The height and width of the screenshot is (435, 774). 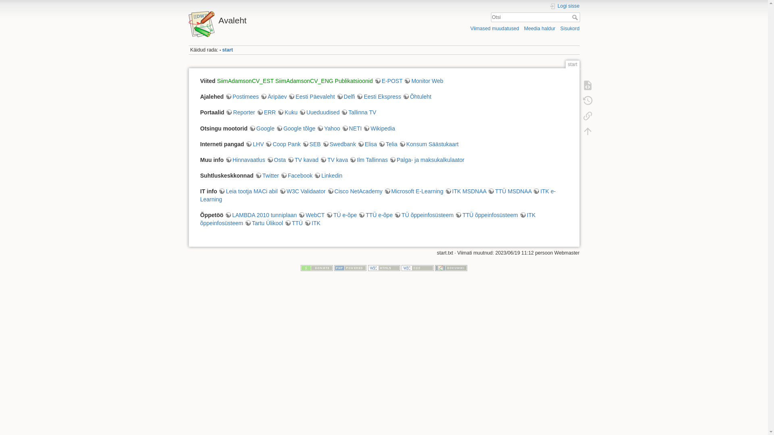 What do you see at coordinates (564, 6) in the screenshot?
I see `'Logi sisse'` at bounding box center [564, 6].